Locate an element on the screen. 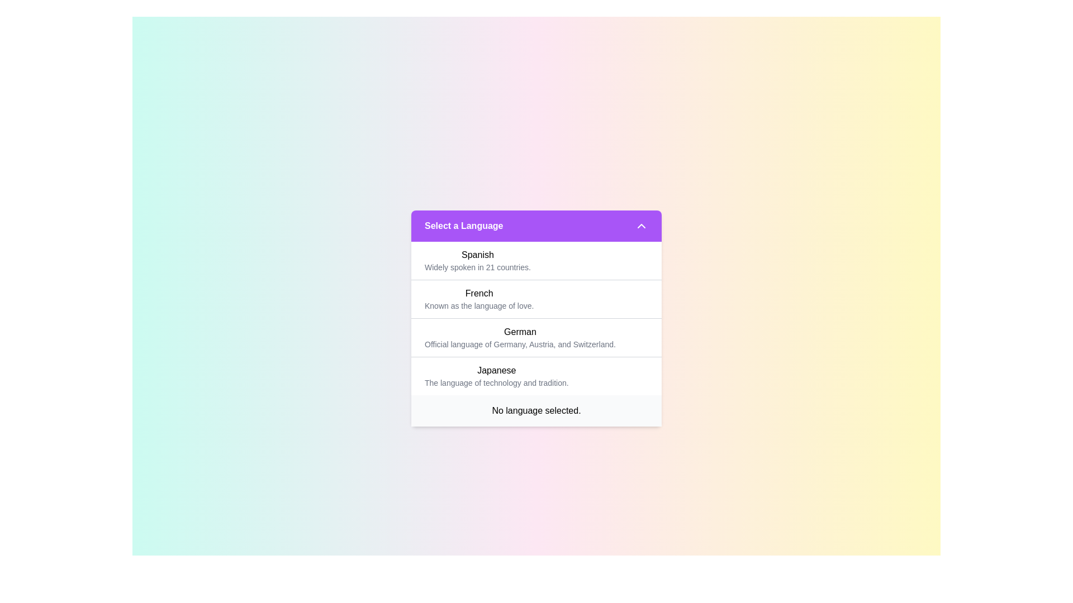  the 'Spanish' dropdown list item, which is the first entry under the 'Select a Language' heading, featuring a bold title and a smaller gray subtitle is located at coordinates (477, 260).